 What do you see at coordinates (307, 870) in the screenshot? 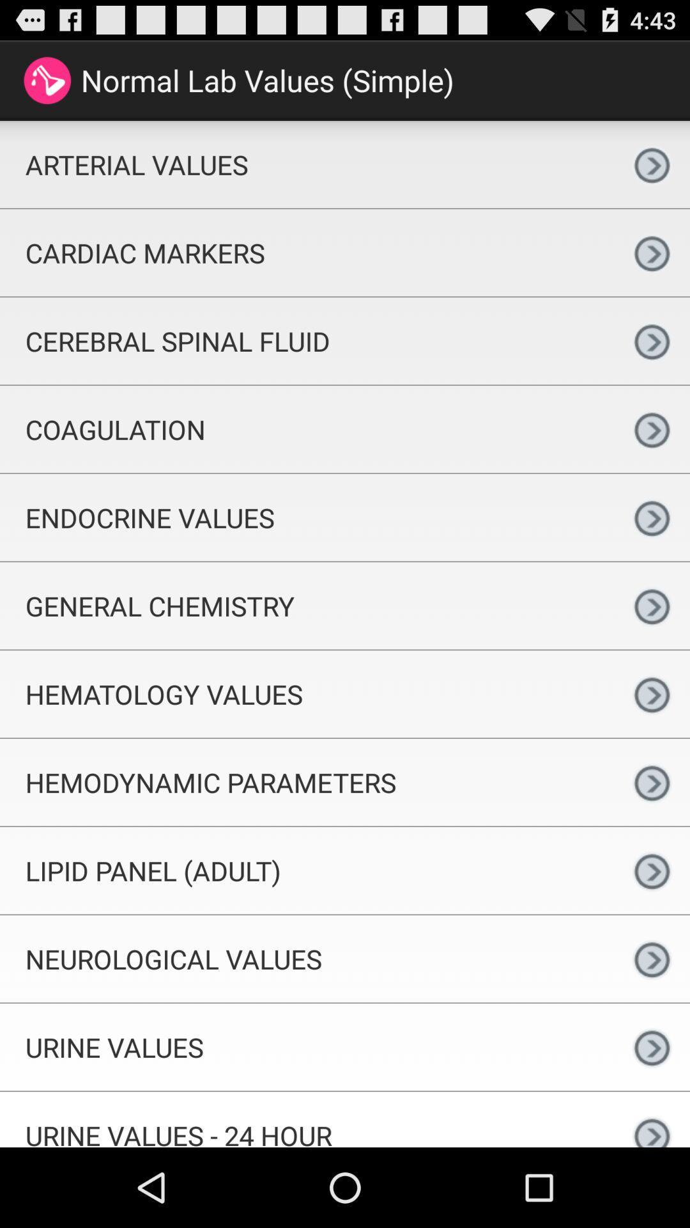
I see `the lipid panel (adult)` at bounding box center [307, 870].